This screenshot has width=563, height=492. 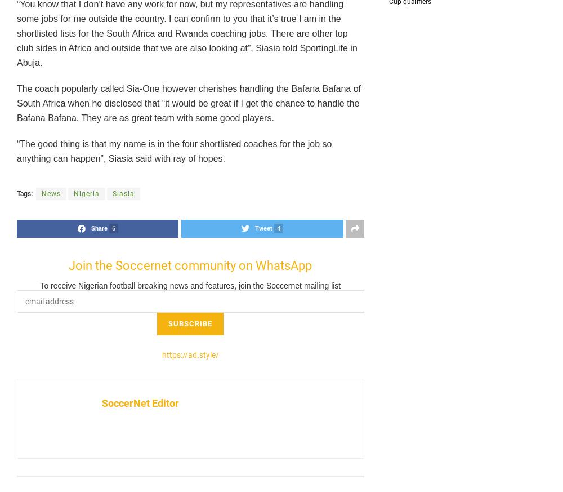 What do you see at coordinates (262, 228) in the screenshot?
I see `'Tweet'` at bounding box center [262, 228].